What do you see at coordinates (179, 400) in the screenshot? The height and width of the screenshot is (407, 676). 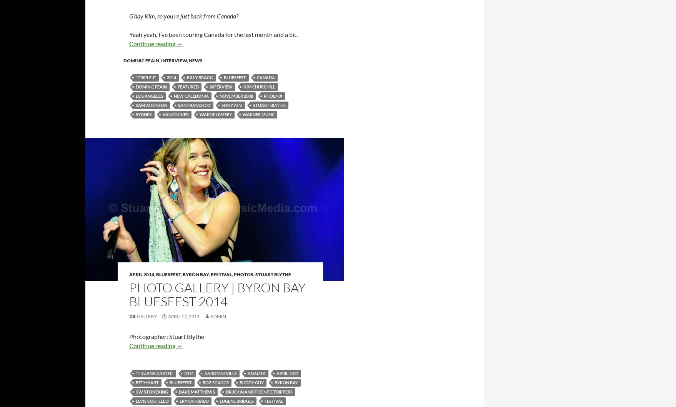 I see `'Erykah Babu'` at bounding box center [179, 400].